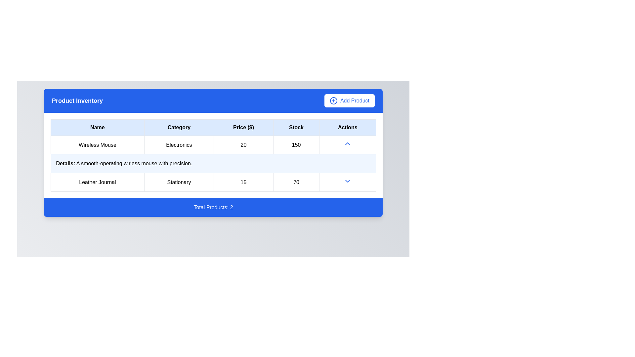  I want to click on the second column header in the table that indicates product categories, located between 'Name' and 'Price ($)', so click(179, 127).